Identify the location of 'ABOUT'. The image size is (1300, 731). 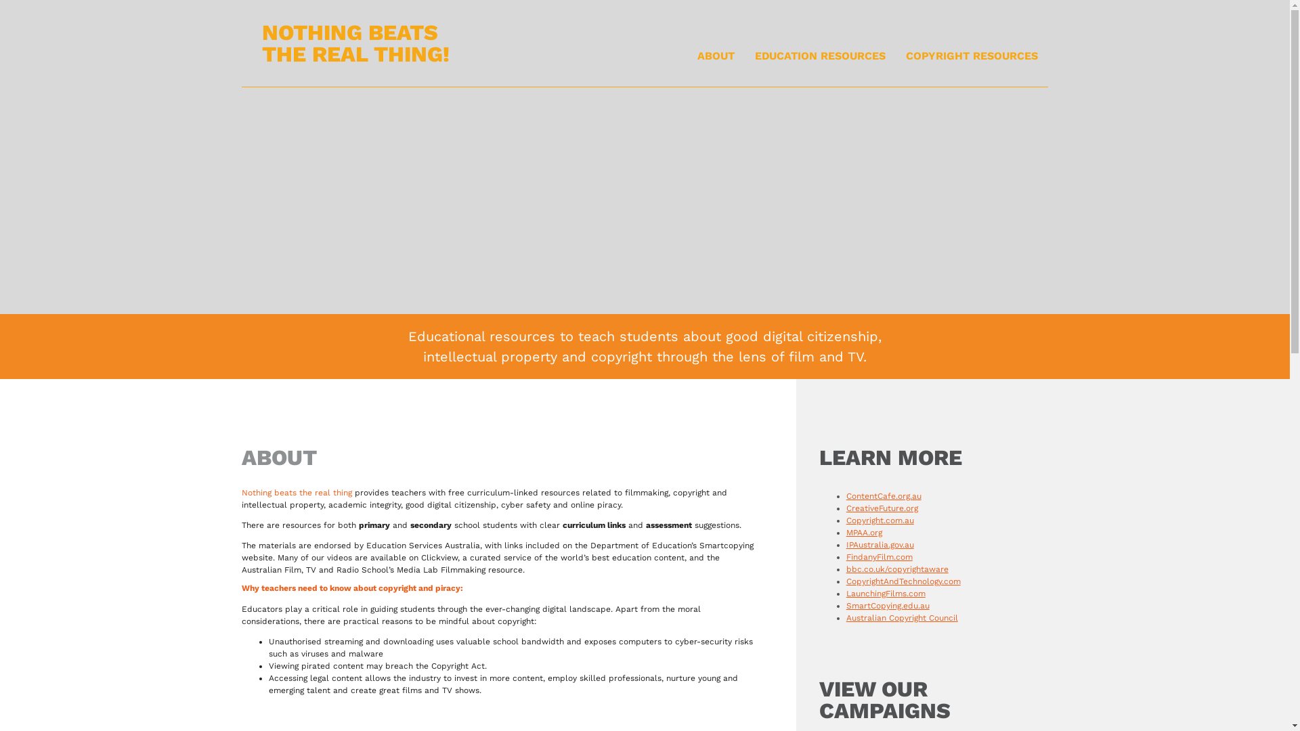
(715, 56).